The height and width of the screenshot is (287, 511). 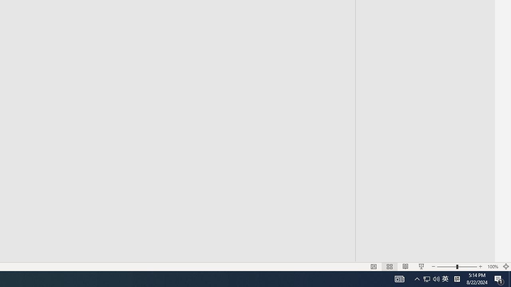 What do you see at coordinates (492, 267) in the screenshot?
I see `'Zoom 100%'` at bounding box center [492, 267].